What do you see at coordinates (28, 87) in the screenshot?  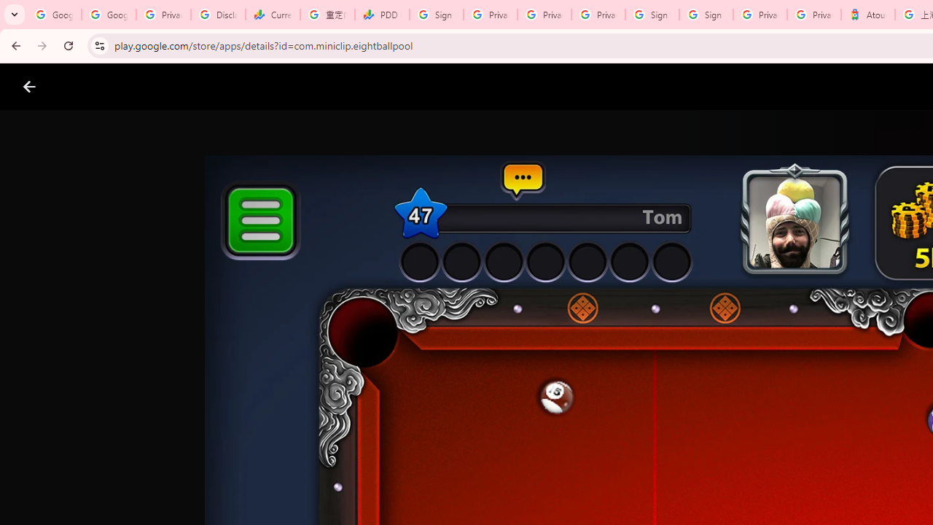 I see `'Close screenshot viewer'` at bounding box center [28, 87].